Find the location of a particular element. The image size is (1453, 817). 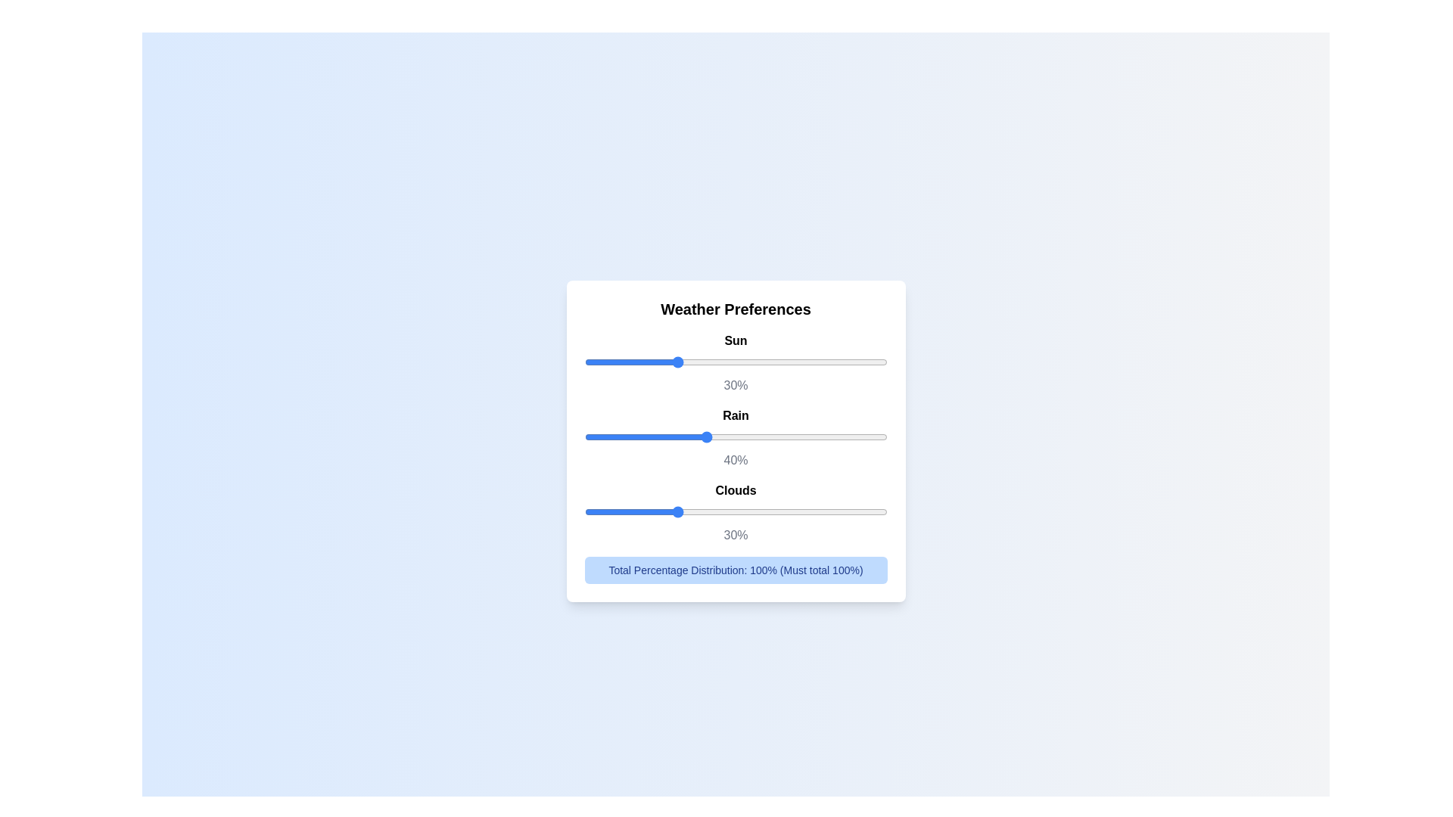

the 'Clouds' slider to 64% is located at coordinates (778, 511).